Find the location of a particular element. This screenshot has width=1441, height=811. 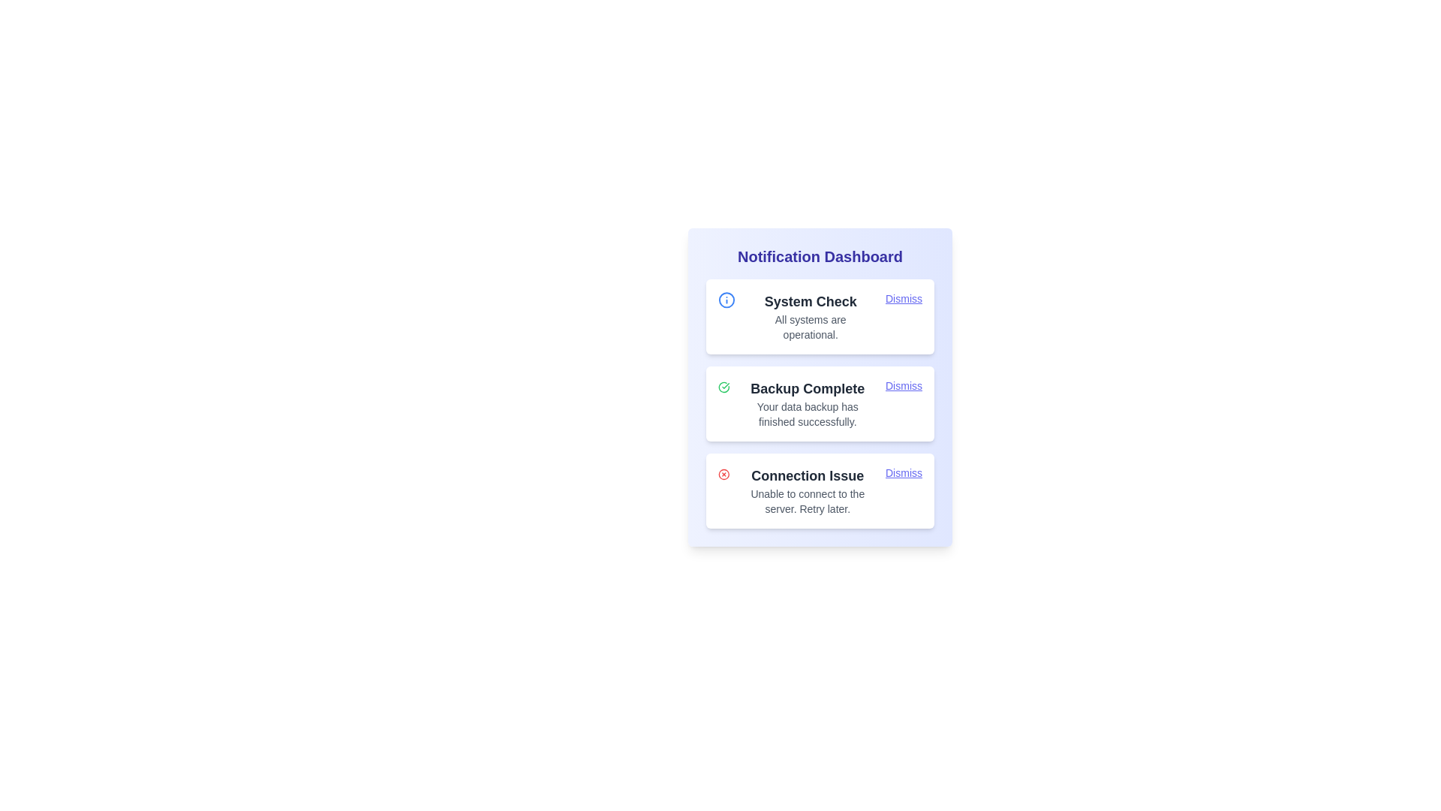

the indigo colored text link styled as a button located in the top-right corner of the 'Backup Complete' notification card is located at coordinates (903, 384).